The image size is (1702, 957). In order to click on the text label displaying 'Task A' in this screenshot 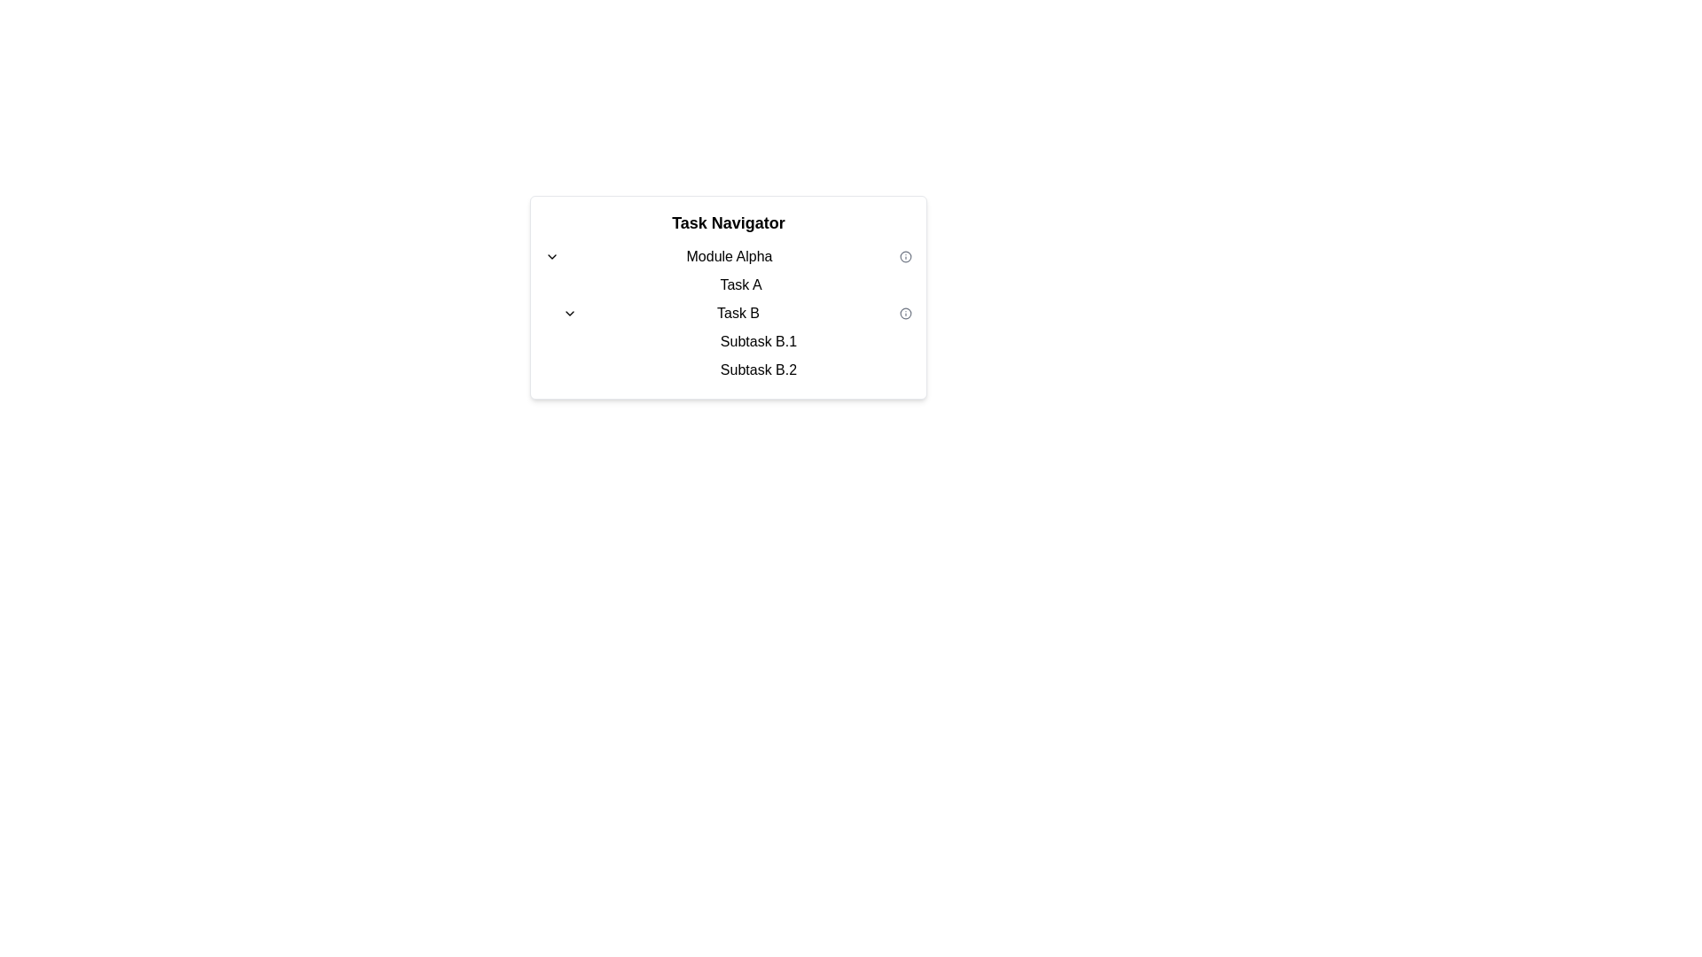, I will do `click(740, 284)`.